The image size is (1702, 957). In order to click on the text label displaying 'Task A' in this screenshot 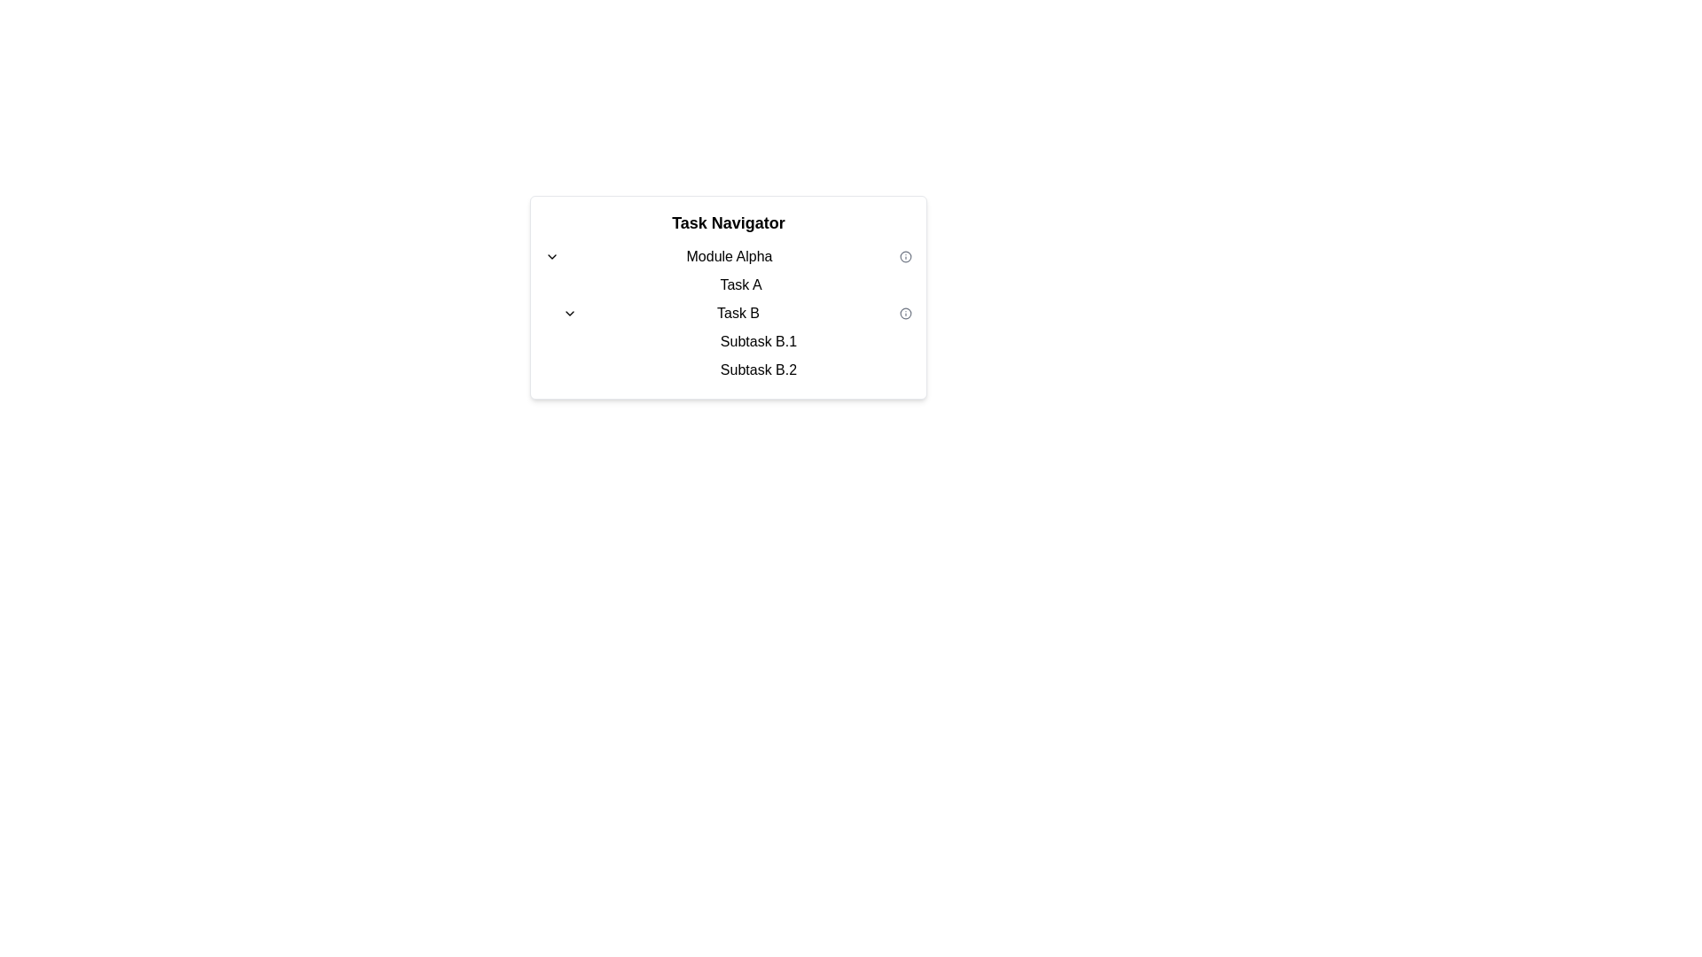, I will do `click(740, 284)`.